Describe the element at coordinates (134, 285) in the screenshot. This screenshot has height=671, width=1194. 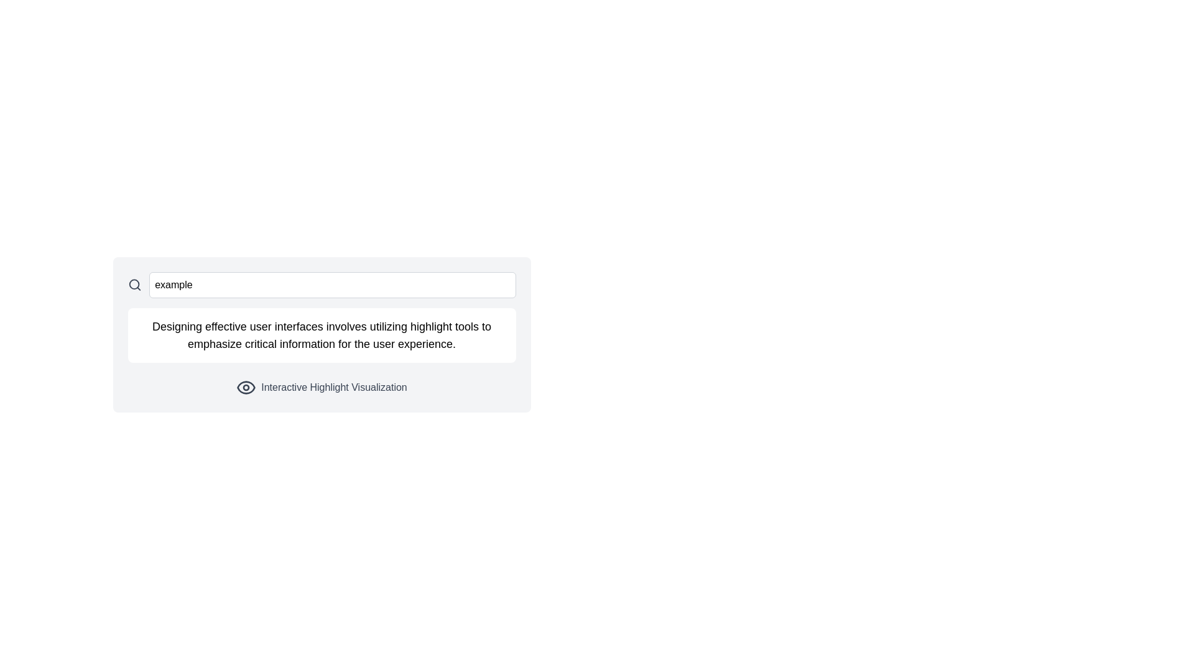
I see `the central circular part of the magnifying glass icon located at the left end of the search input field in the search bar` at that location.